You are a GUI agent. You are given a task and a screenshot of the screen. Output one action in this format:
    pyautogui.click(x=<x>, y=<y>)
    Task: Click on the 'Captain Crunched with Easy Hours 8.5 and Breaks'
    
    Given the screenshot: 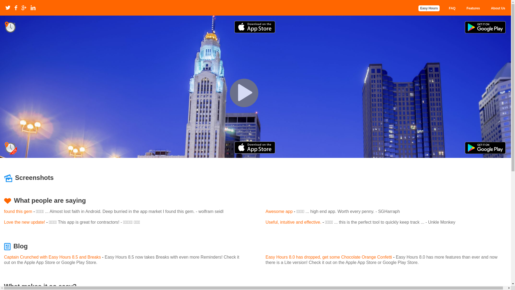 What is the action you would take?
    pyautogui.click(x=4, y=257)
    